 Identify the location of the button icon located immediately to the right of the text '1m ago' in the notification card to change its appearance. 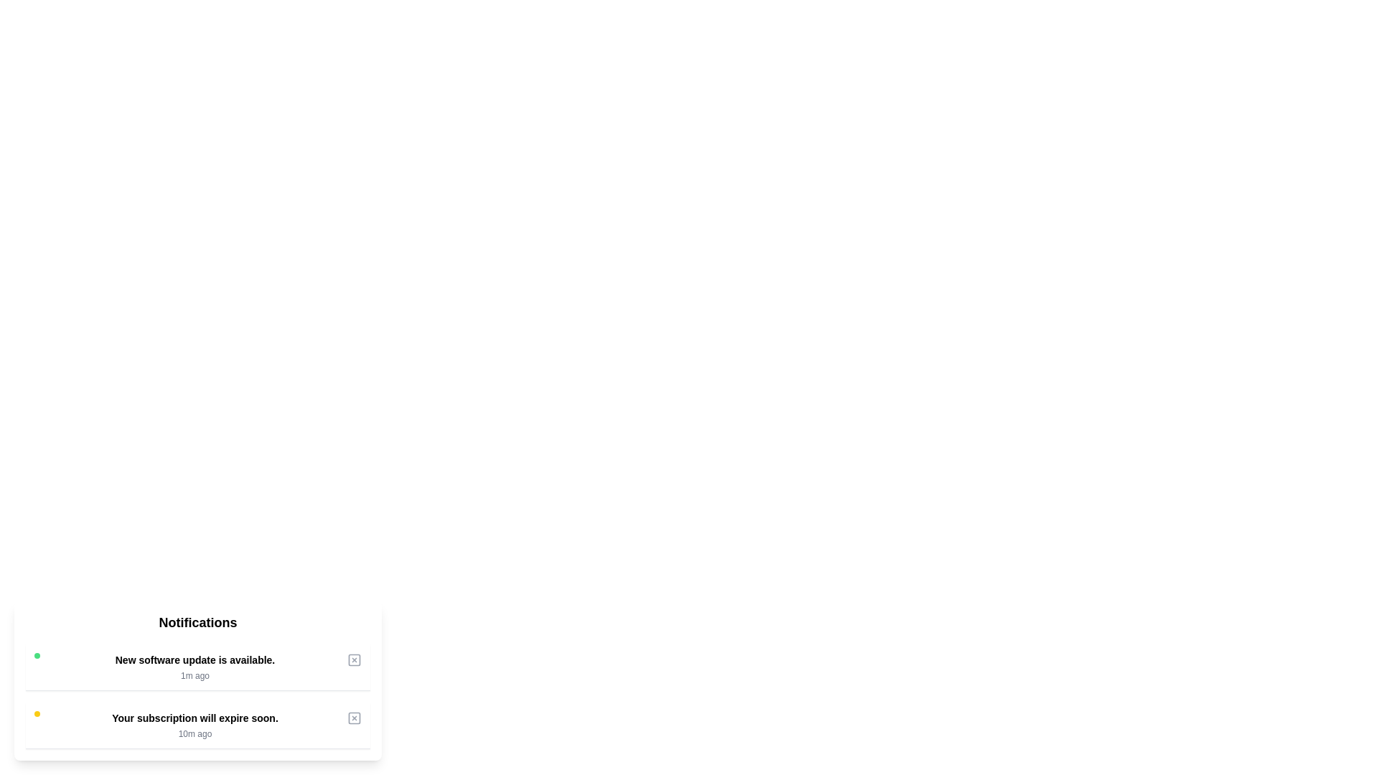
(355, 660).